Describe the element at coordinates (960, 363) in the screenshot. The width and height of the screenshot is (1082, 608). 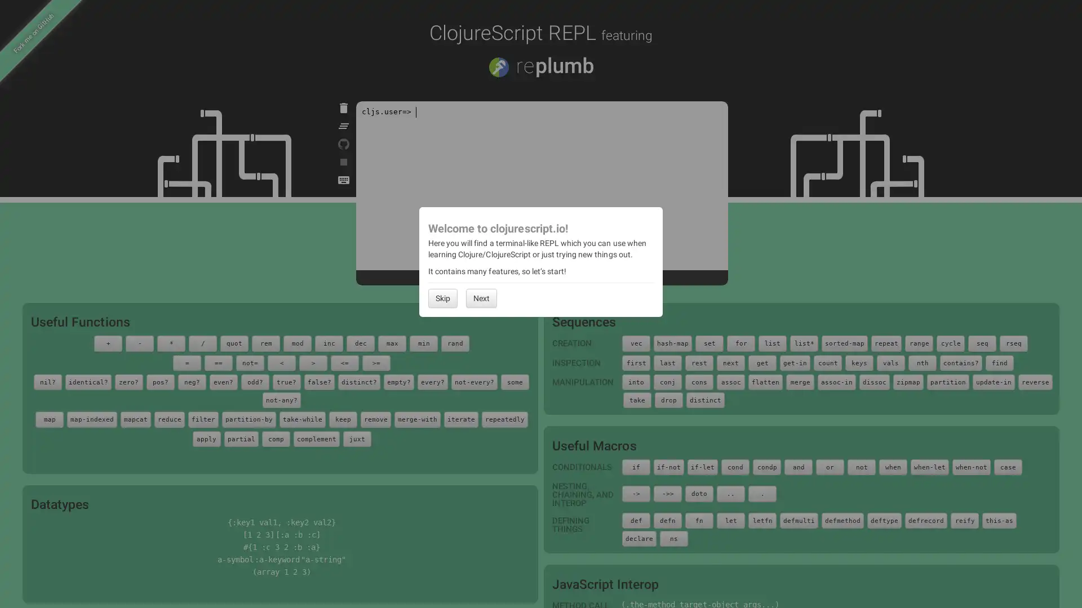
I see `contains?` at that location.